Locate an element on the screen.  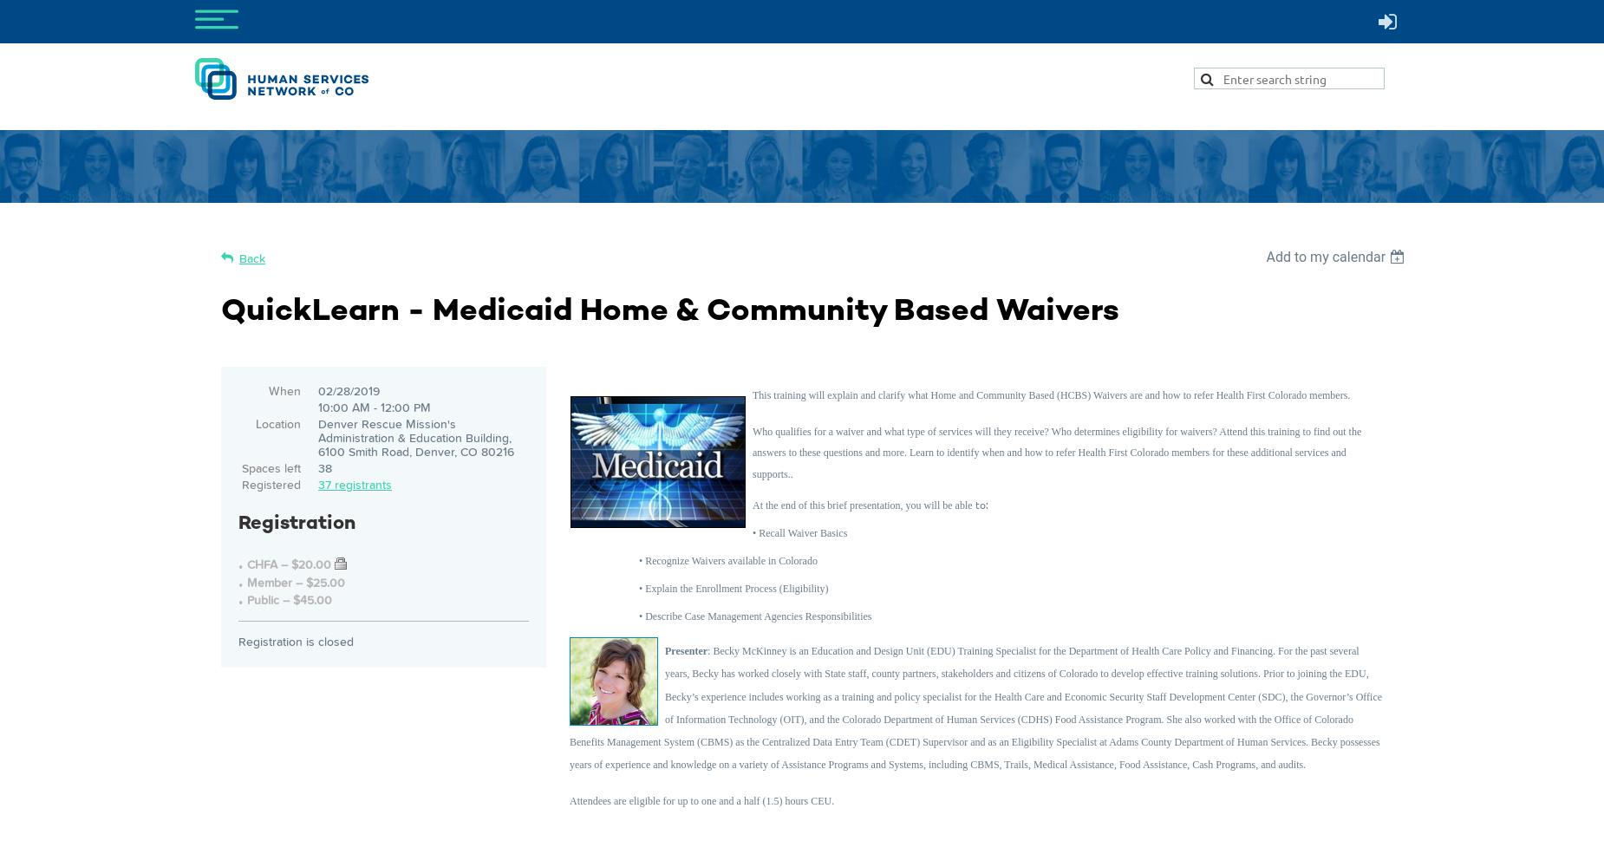
'Who qualifies for a waiver and what type of services will they receive? Who determines eligibility for waivers? Attend this training to find out the answers to these questions and more. Learn to identify when and how to refer Health First Colorado members for these additional services and supports..' is located at coordinates (1055, 453).